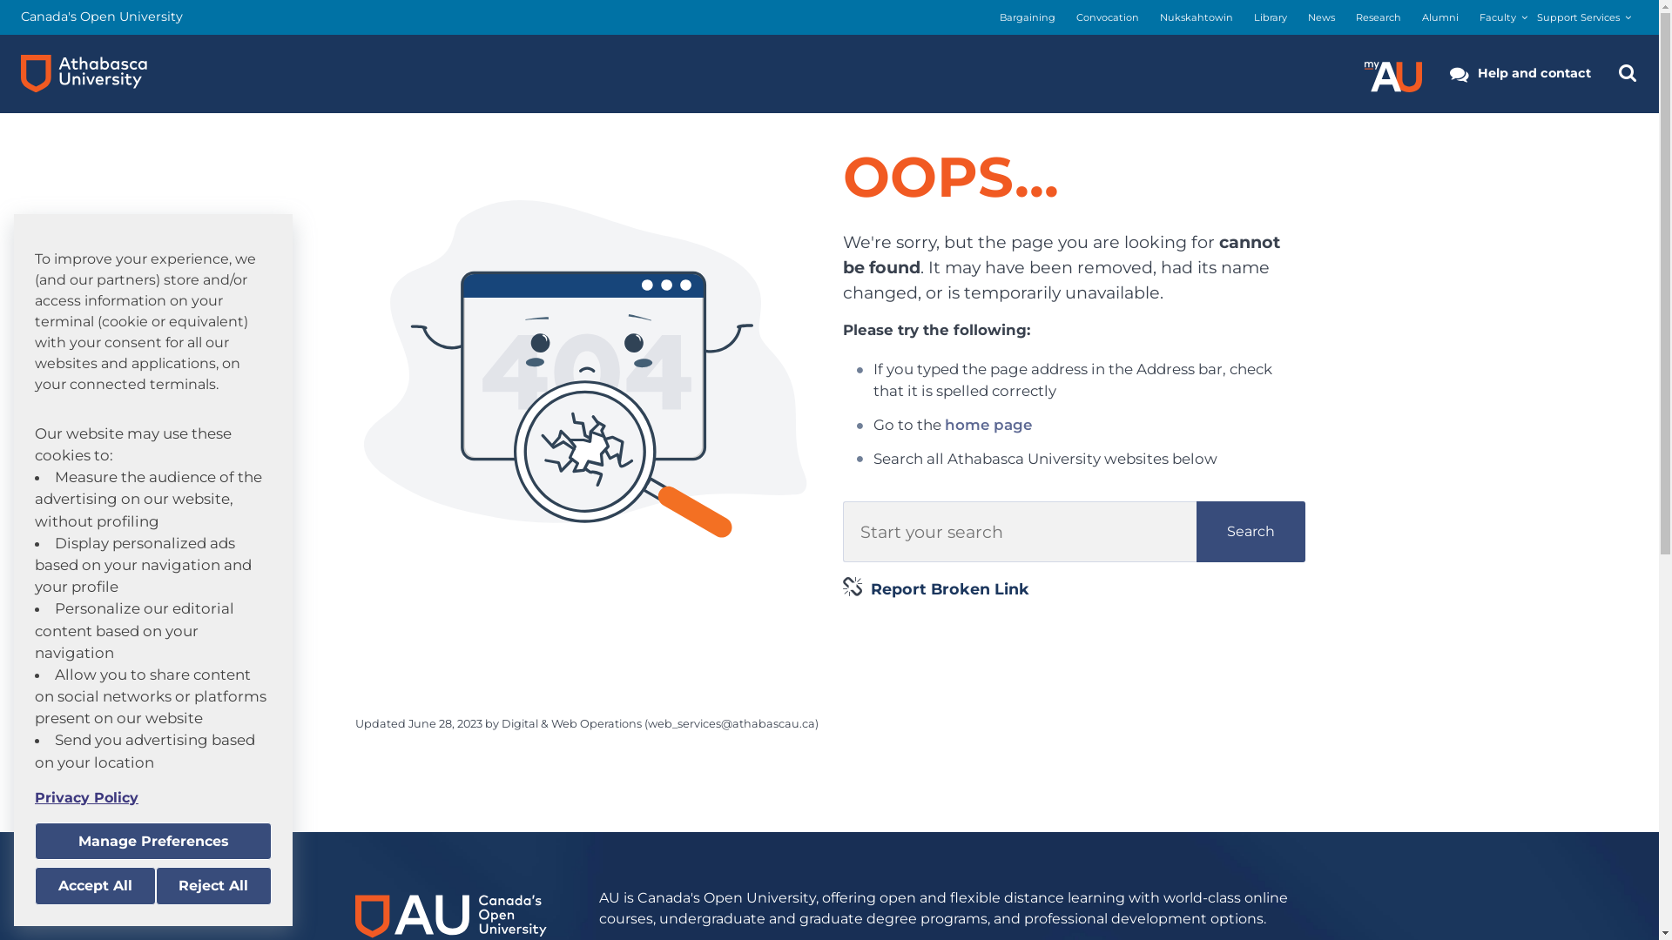 This screenshot has height=940, width=1672. I want to click on 'Athabasca University logo', so click(21, 72).